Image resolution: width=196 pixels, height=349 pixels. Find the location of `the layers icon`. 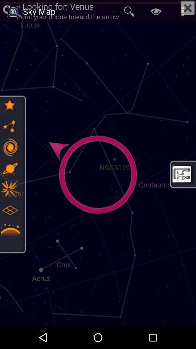

the layers icon is located at coordinates (9, 210).